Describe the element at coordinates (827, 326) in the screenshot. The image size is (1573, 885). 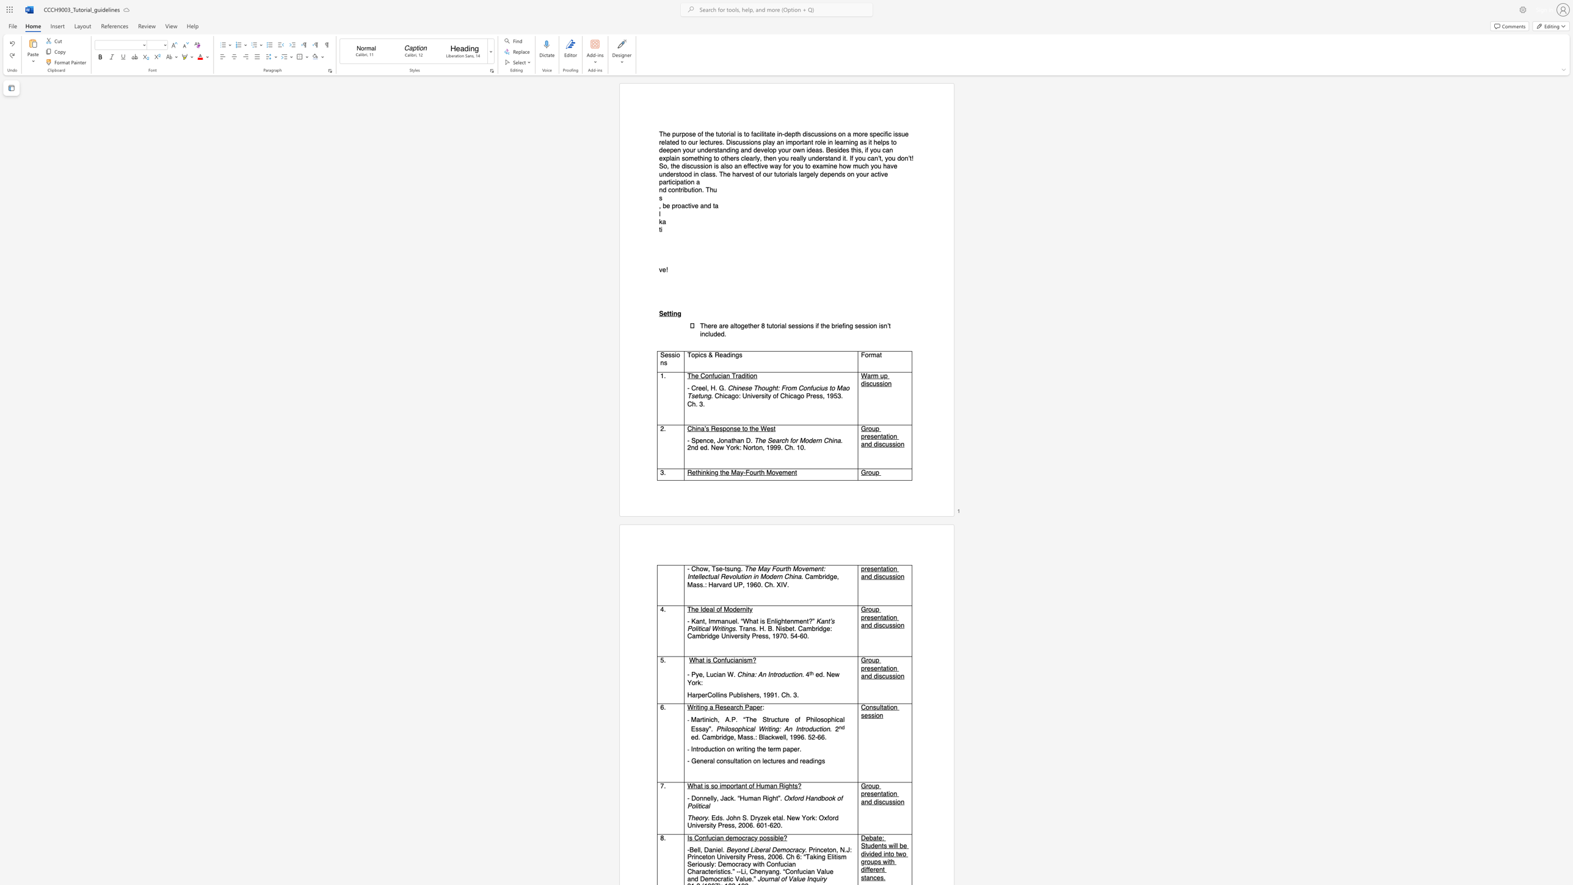
I see `the 7th character "e" in the text` at that location.